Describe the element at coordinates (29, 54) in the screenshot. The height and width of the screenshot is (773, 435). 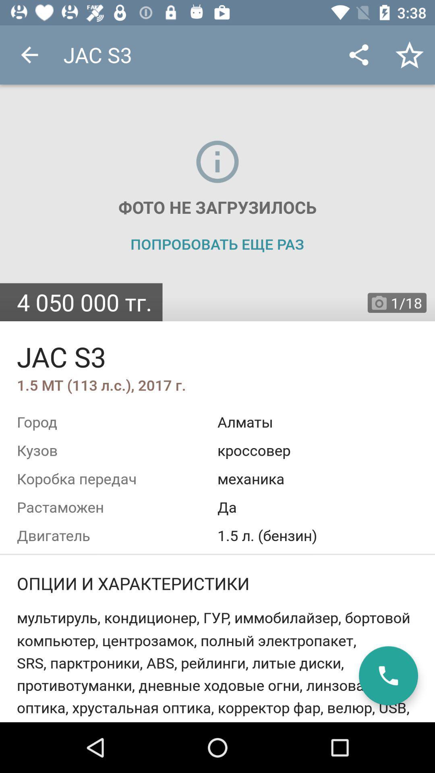
I see `the item next to jac s3 app` at that location.